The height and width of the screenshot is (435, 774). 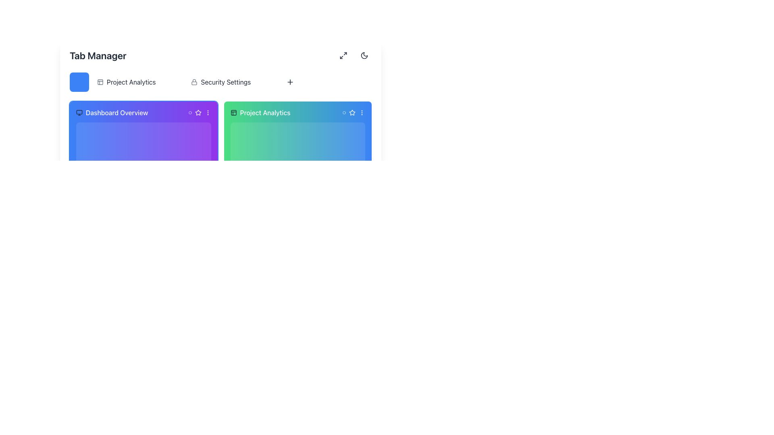 I want to click on the non-interactive text label indicating 'Project Analytics', located to the right of a small blue square icon and a rectangular icon at the top-left part of the interface, so click(x=131, y=82).